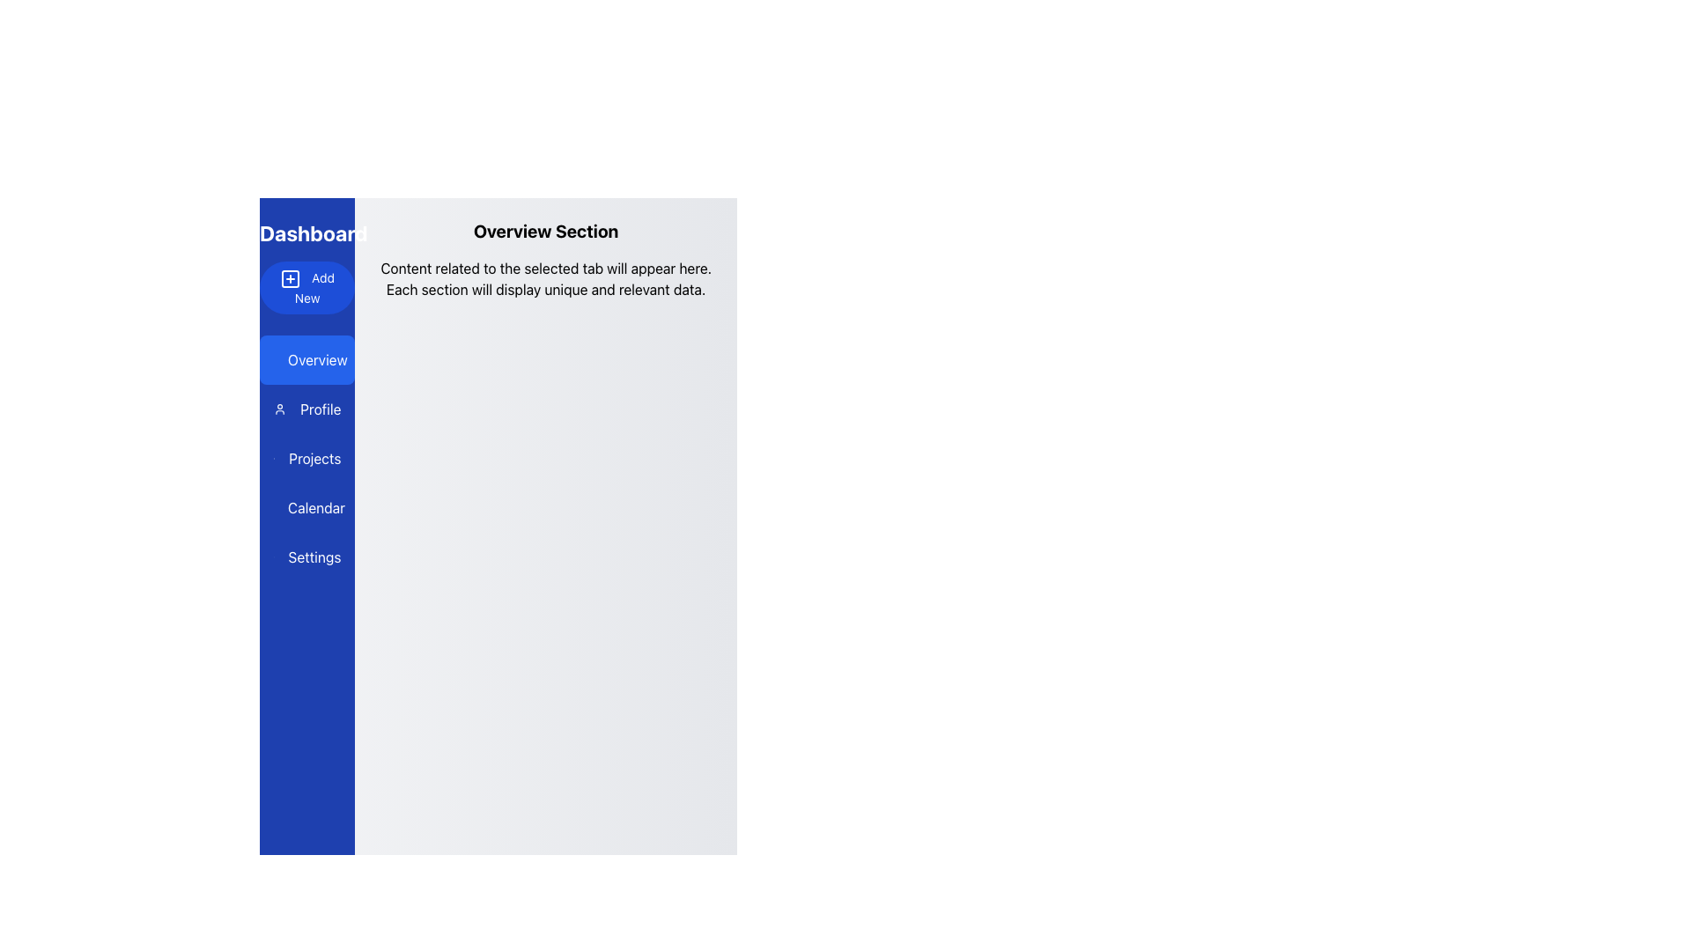 The width and height of the screenshot is (1691, 951). I want to click on the decorative square icon with chamfered corners and a blue background located within the 'Add New' button in the left navigation panel, just below the 'Dashboard' title, so click(291, 277).